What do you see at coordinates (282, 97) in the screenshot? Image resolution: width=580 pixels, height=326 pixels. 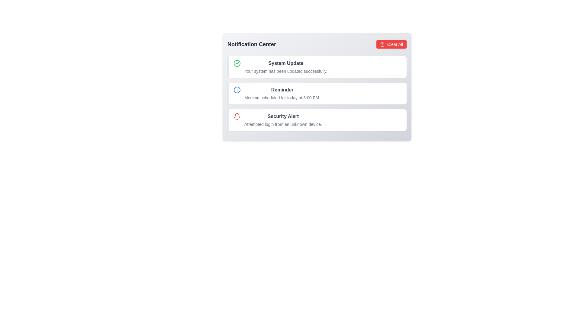 I see `the text string reading 'Meeting scheduled for today at 3:00 PM.' which is styled in a smaller gray font and located under the heading 'Reminder'` at bounding box center [282, 97].